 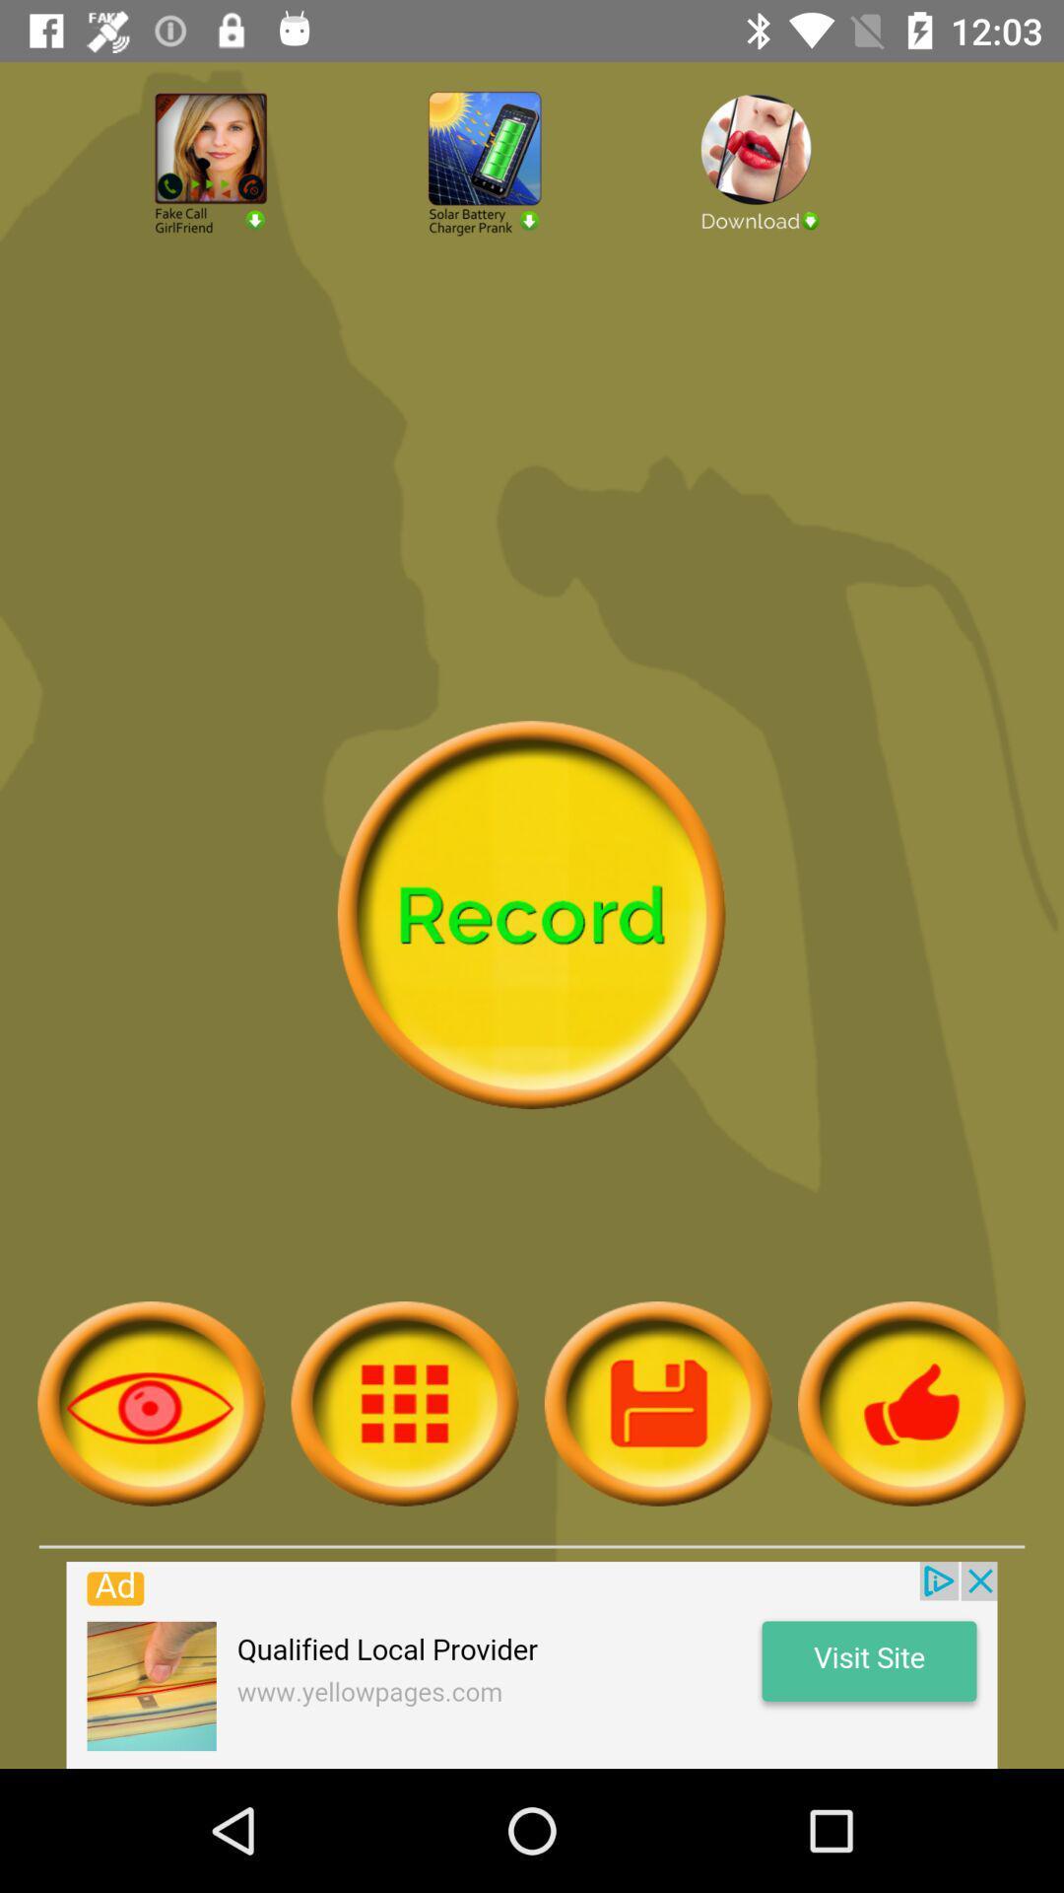 What do you see at coordinates (805, 216) in the screenshot?
I see `advertisement` at bounding box center [805, 216].